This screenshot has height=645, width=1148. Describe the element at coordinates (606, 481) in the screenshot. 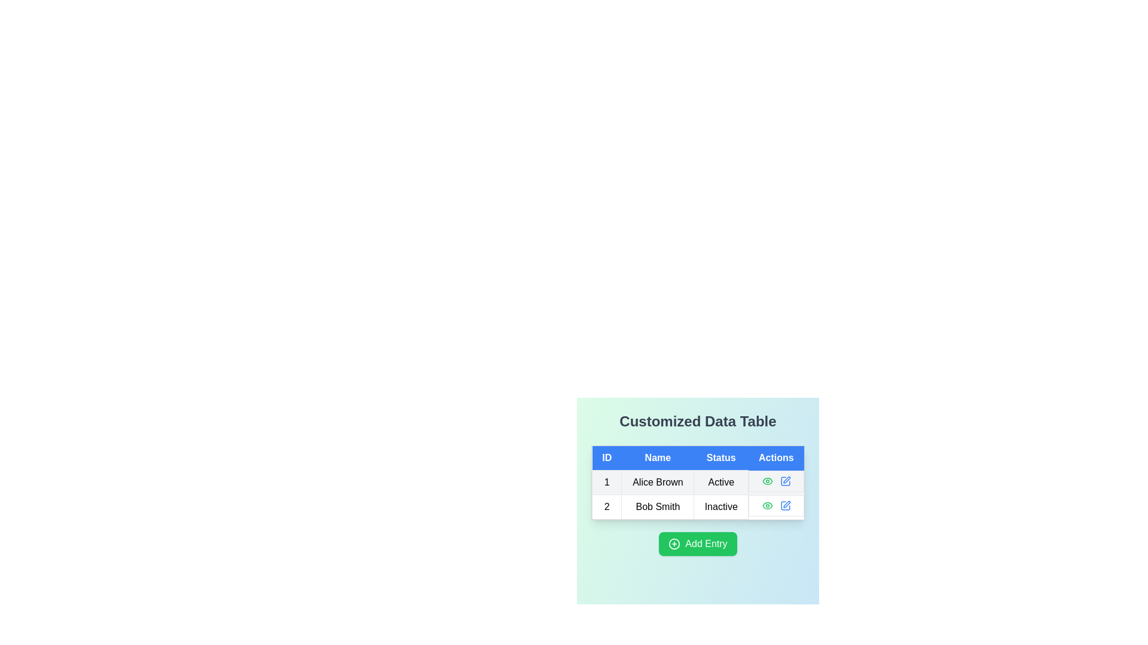

I see `the first cell` at that location.